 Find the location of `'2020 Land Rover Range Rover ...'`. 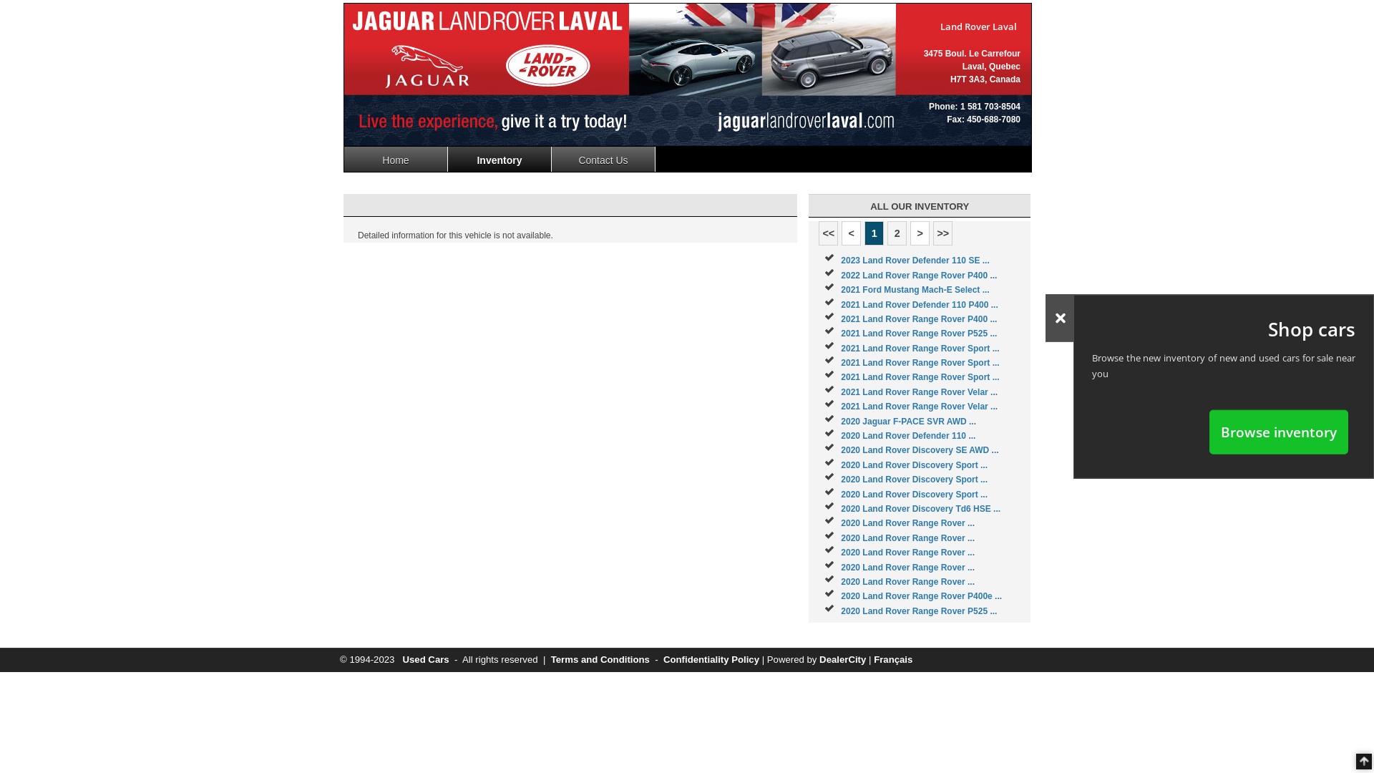

'2020 Land Rover Range Rover ...' is located at coordinates (907, 551).